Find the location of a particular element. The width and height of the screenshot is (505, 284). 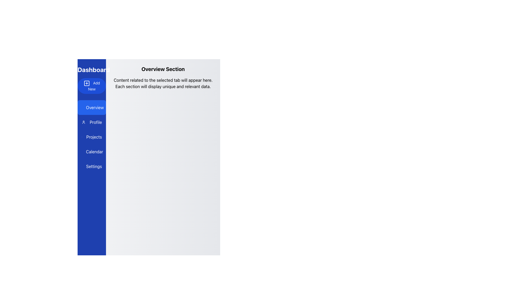

the 'Profile' navigation button located in the vertical sidebar menu, positioned below the 'Overview' item and above the 'Projects' item is located at coordinates (92, 122).